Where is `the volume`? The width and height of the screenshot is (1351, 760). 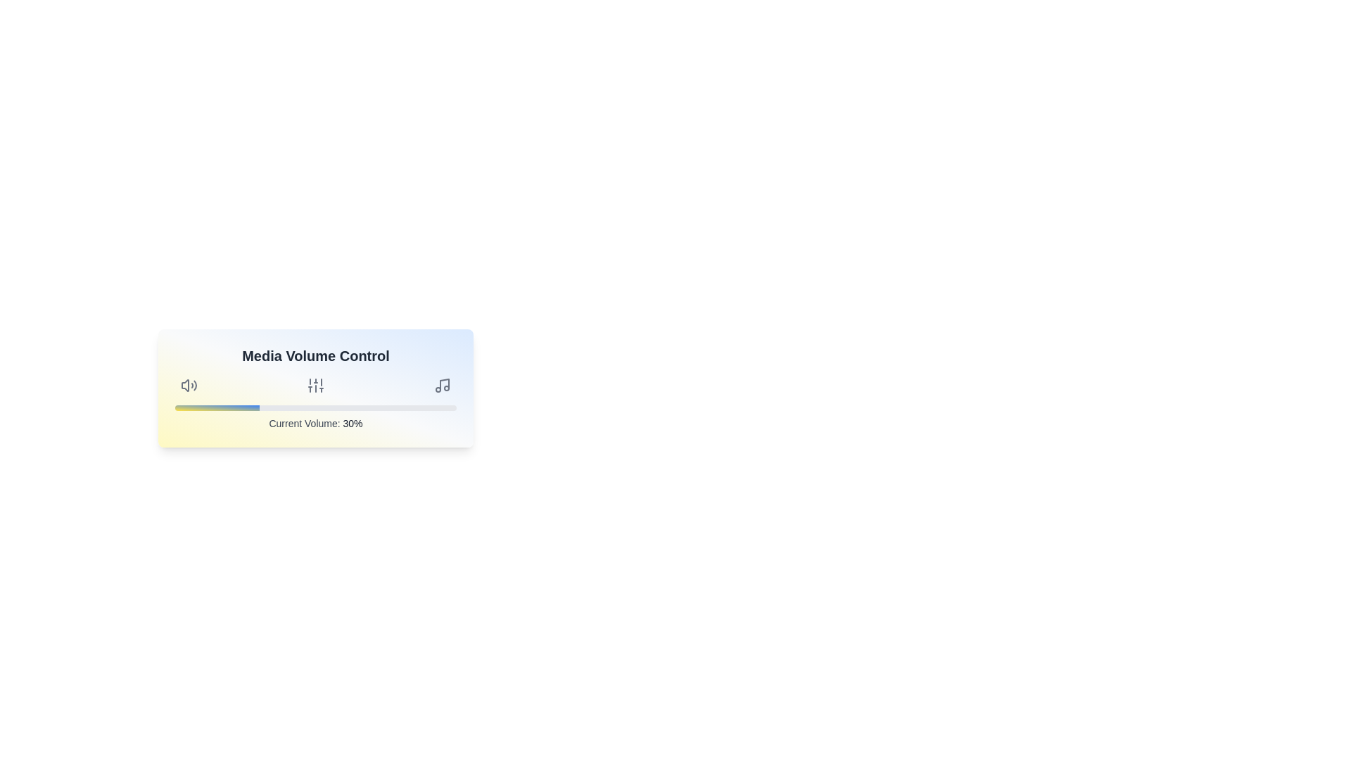
the volume is located at coordinates (448, 407).